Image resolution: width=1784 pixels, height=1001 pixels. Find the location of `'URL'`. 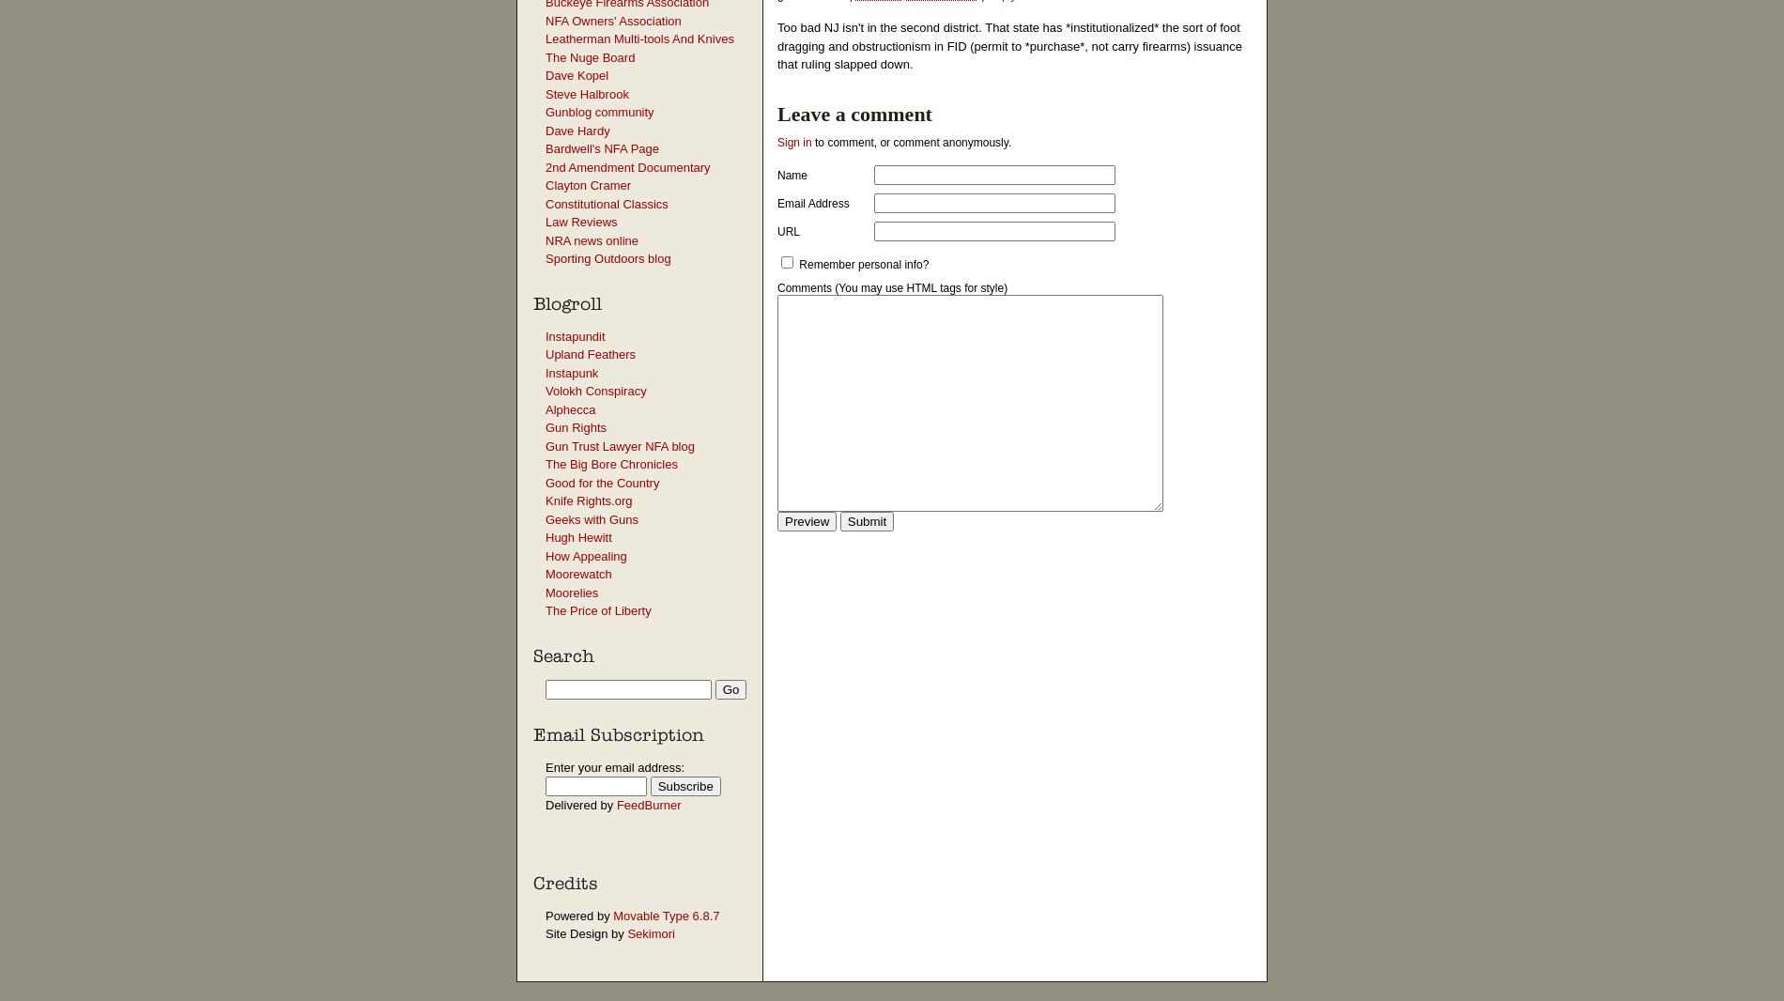

'URL' is located at coordinates (777, 230).